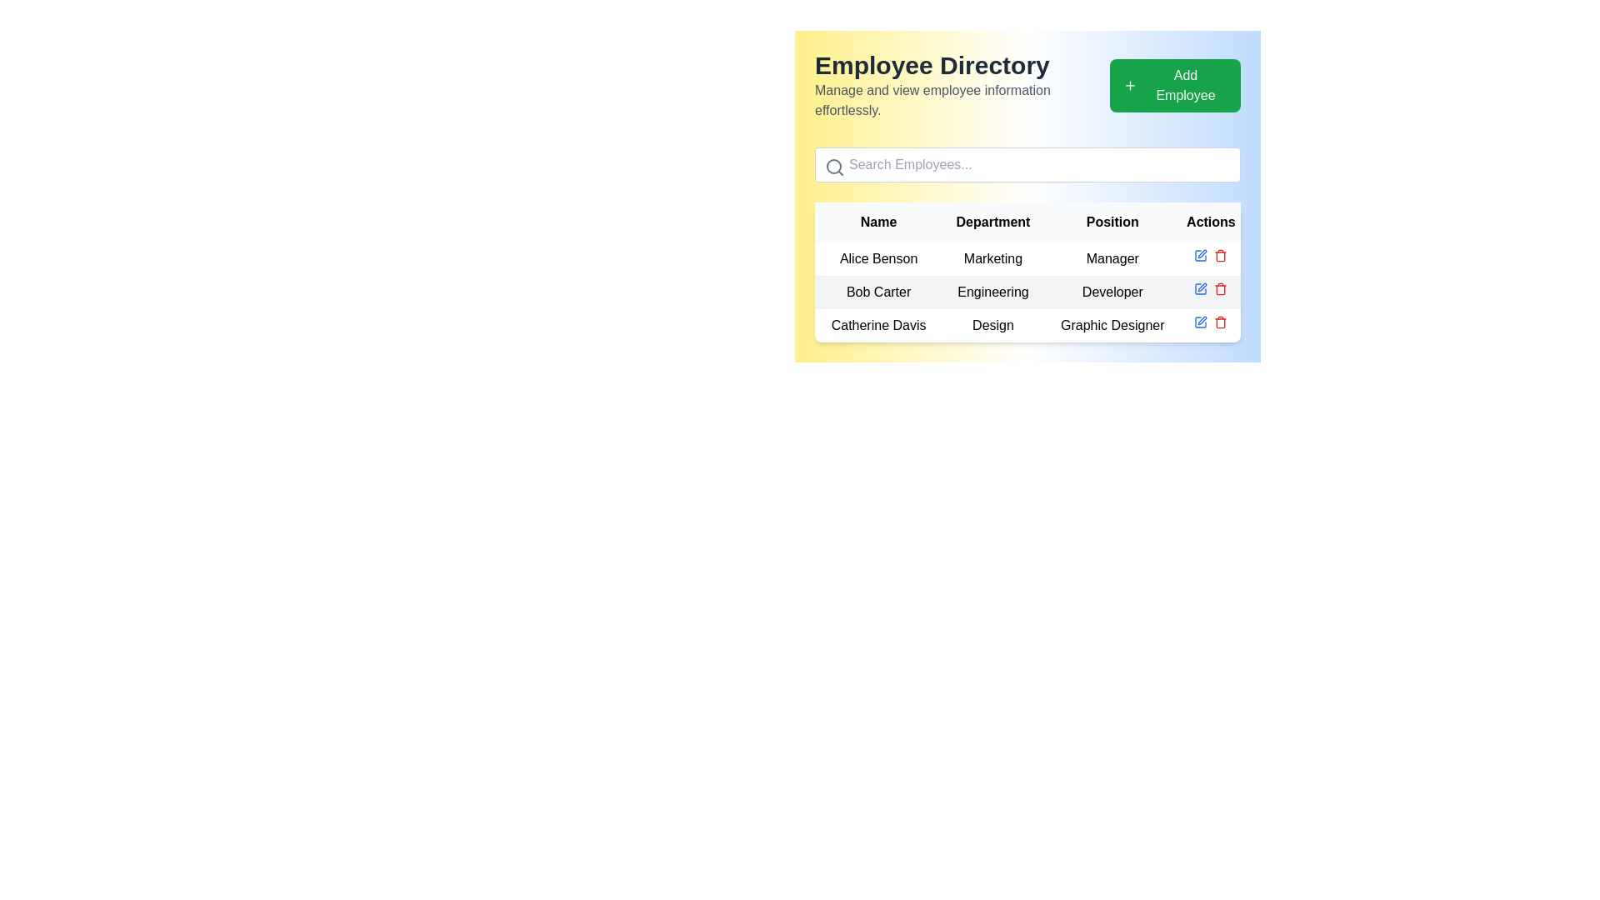 The height and width of the screenshot is (900, 1600). I want to click on the small red trash icon button in the 'Actions' column of the table row for 'Catherine Davis', so click(1221, 322).